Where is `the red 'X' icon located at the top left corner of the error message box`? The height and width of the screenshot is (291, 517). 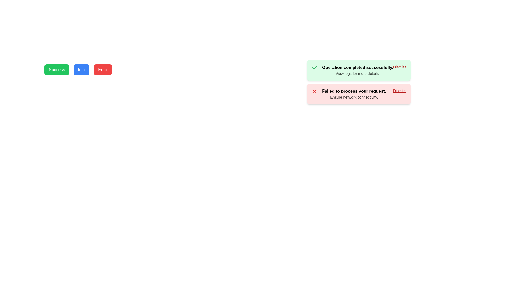 the red 'X' icon located at the top left corner of the error message box is located at coordinates (315, 91).